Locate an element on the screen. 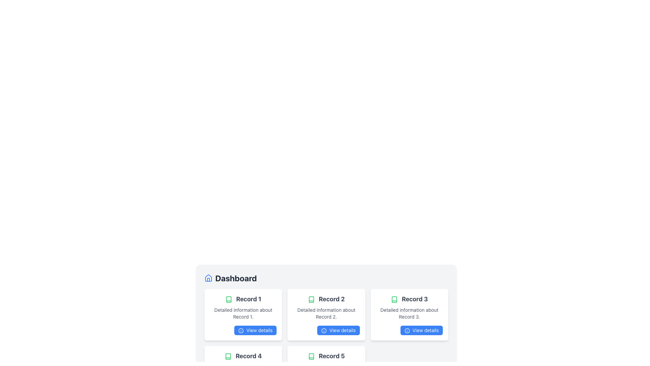  the blue button labeled 'View details' with rounded corners located at the bottom of the 'Record 1' card is located at coordinates (255, 330).